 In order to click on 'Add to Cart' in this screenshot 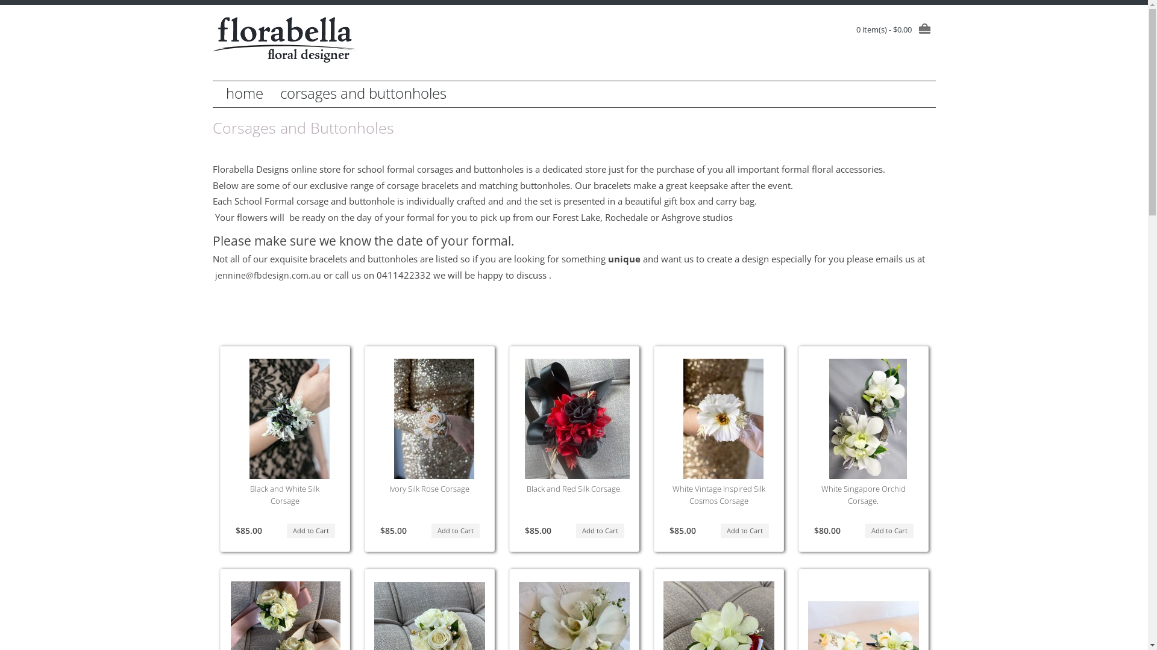, I will do `click(720, 530)`.